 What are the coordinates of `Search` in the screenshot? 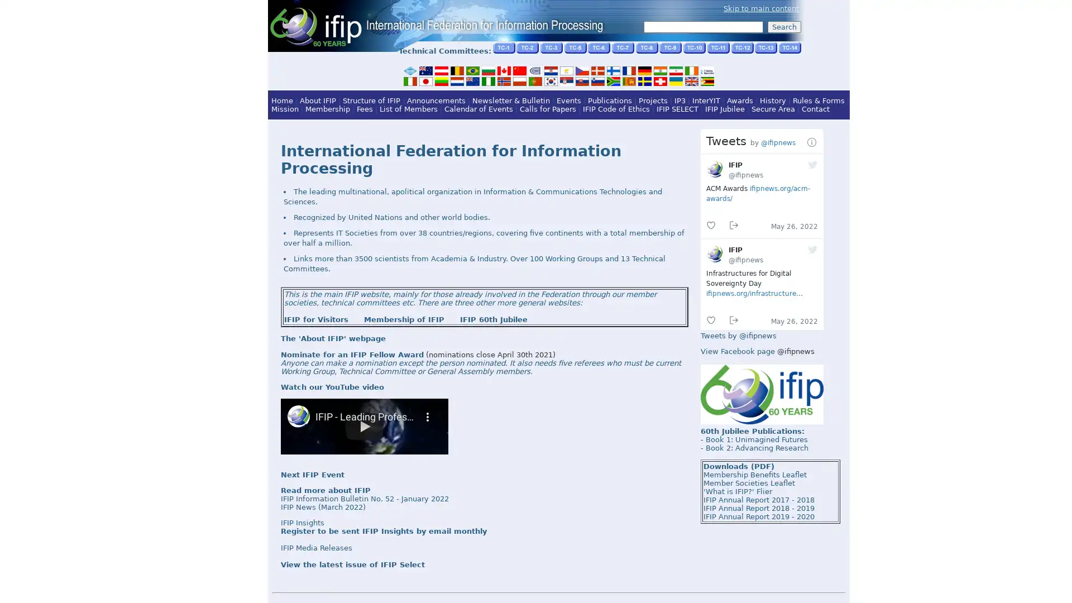 It's located at (784, 26).